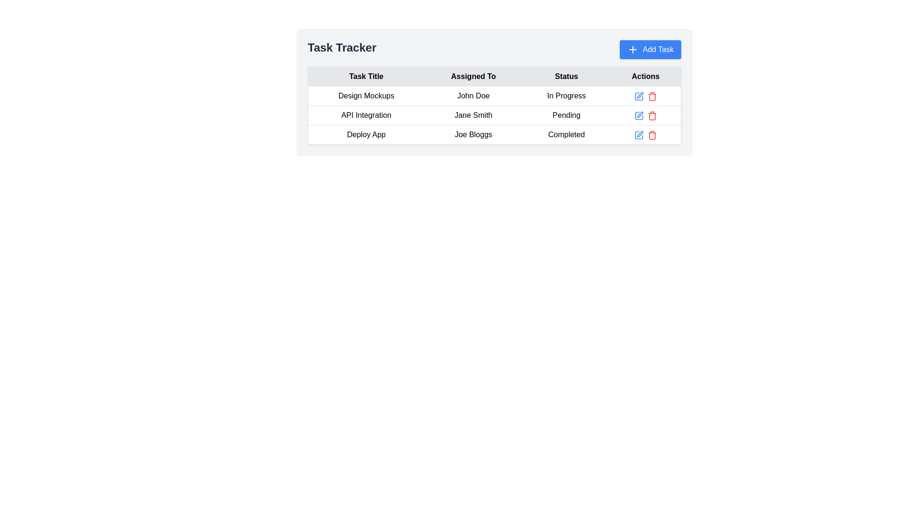 This screenshot has width=909, height=511. Describe the element at coordinates (473, 76) in the screenshot. I see `the Static table header text, which indicates the person a task is assigned to, located within the 'Task Tracker' table header row` at that location.